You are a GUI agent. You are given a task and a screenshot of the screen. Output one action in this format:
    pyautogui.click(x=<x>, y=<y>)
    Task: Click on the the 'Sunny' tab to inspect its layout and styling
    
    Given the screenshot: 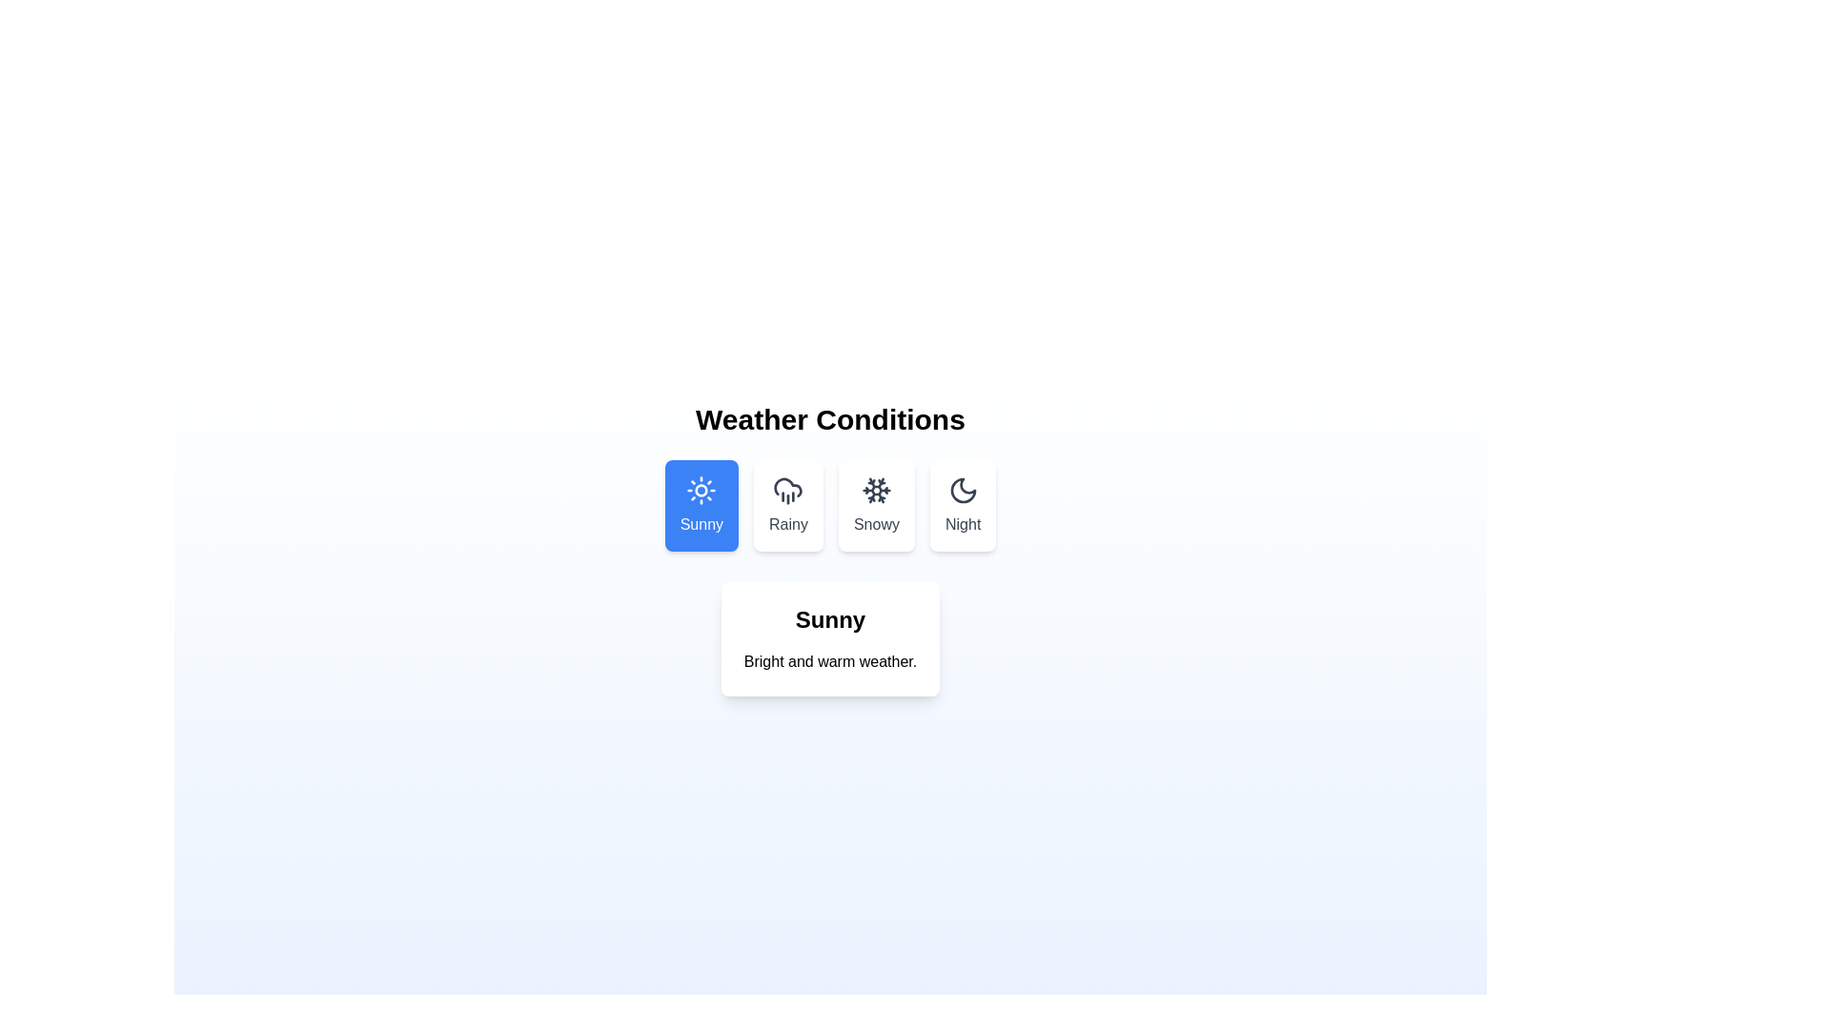 What is the action you would take?
    pyautogui.click(x=700, y=505)
    